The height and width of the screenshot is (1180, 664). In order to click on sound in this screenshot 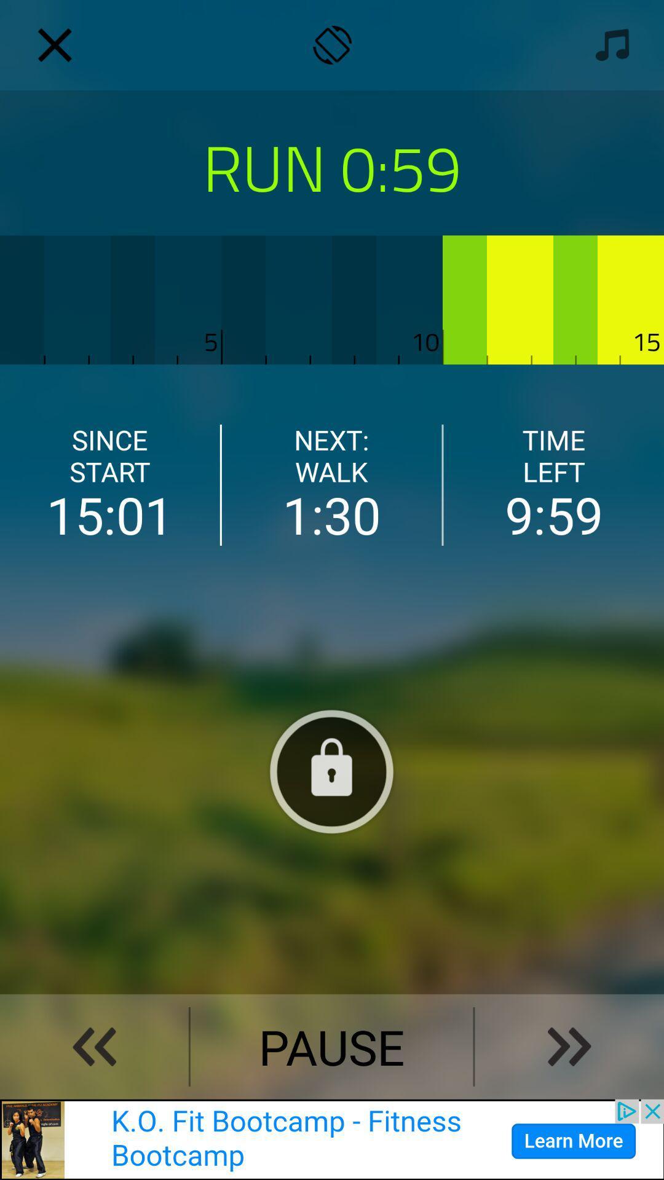, I will do `click(609, 45)`.